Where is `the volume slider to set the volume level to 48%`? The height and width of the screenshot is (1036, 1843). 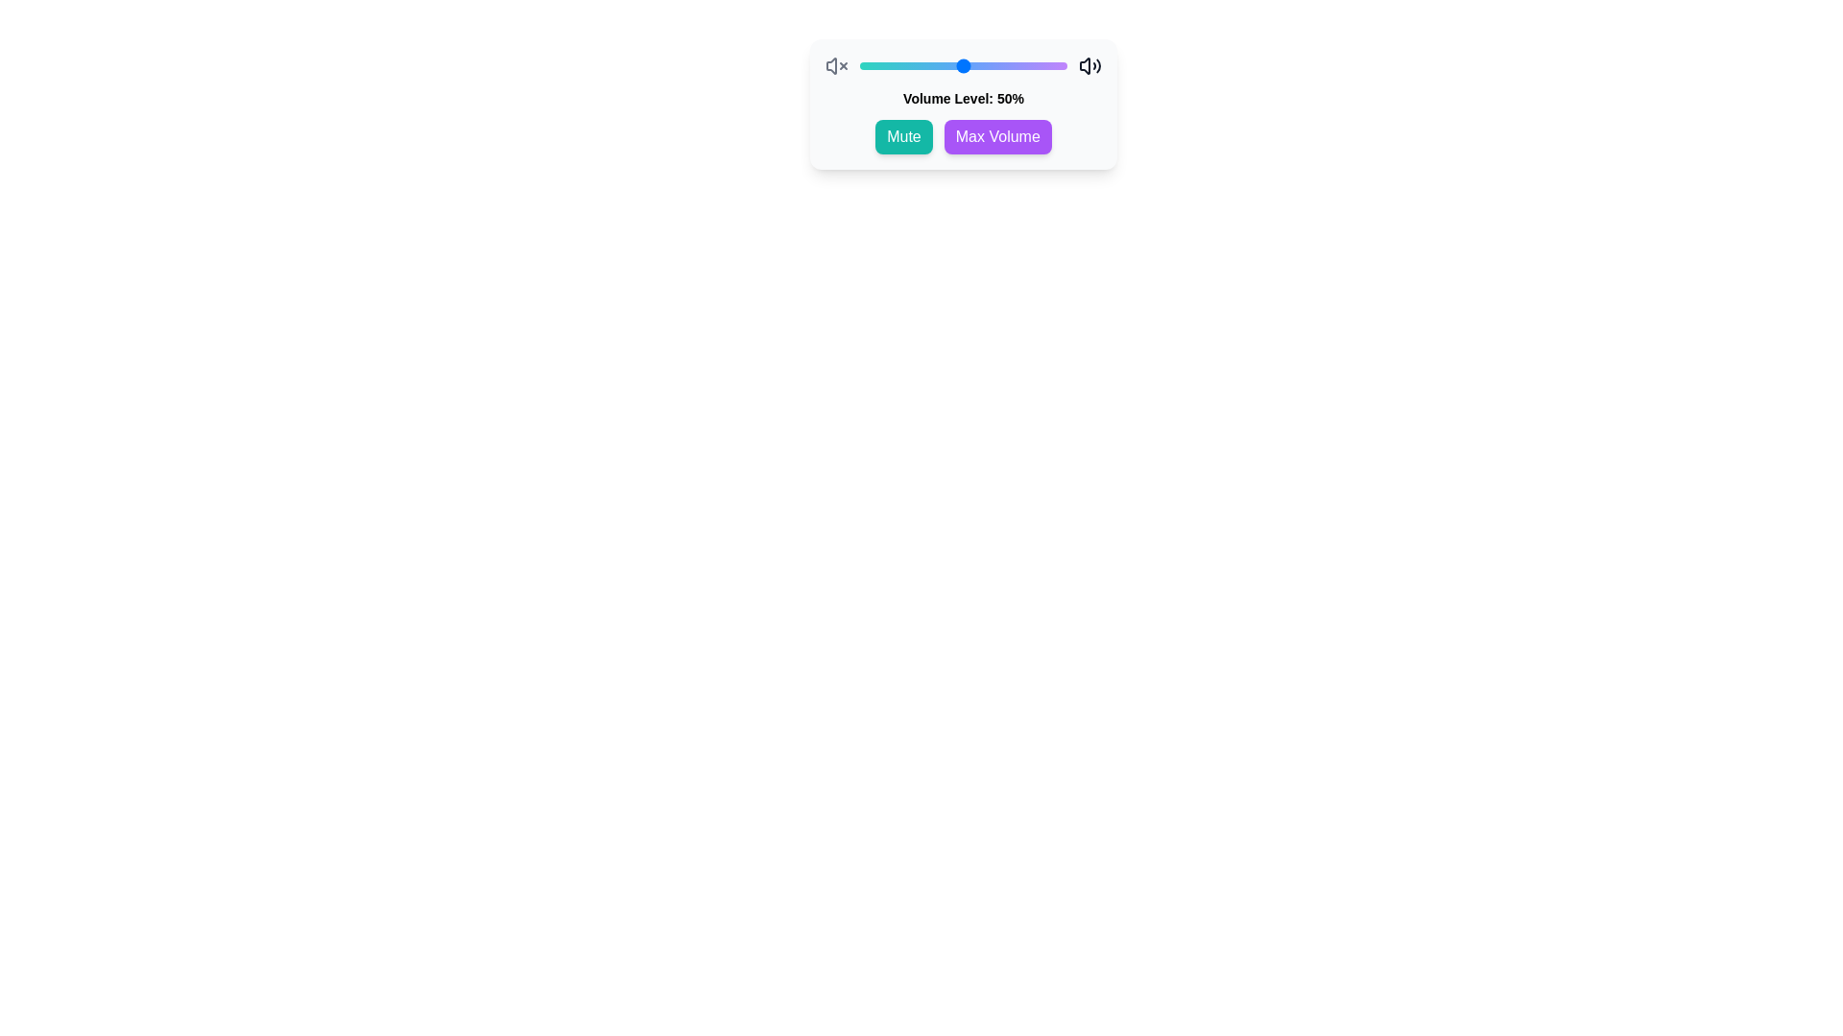
the volume slider to set the volume level to 48% is located at coordinates (959, 65).